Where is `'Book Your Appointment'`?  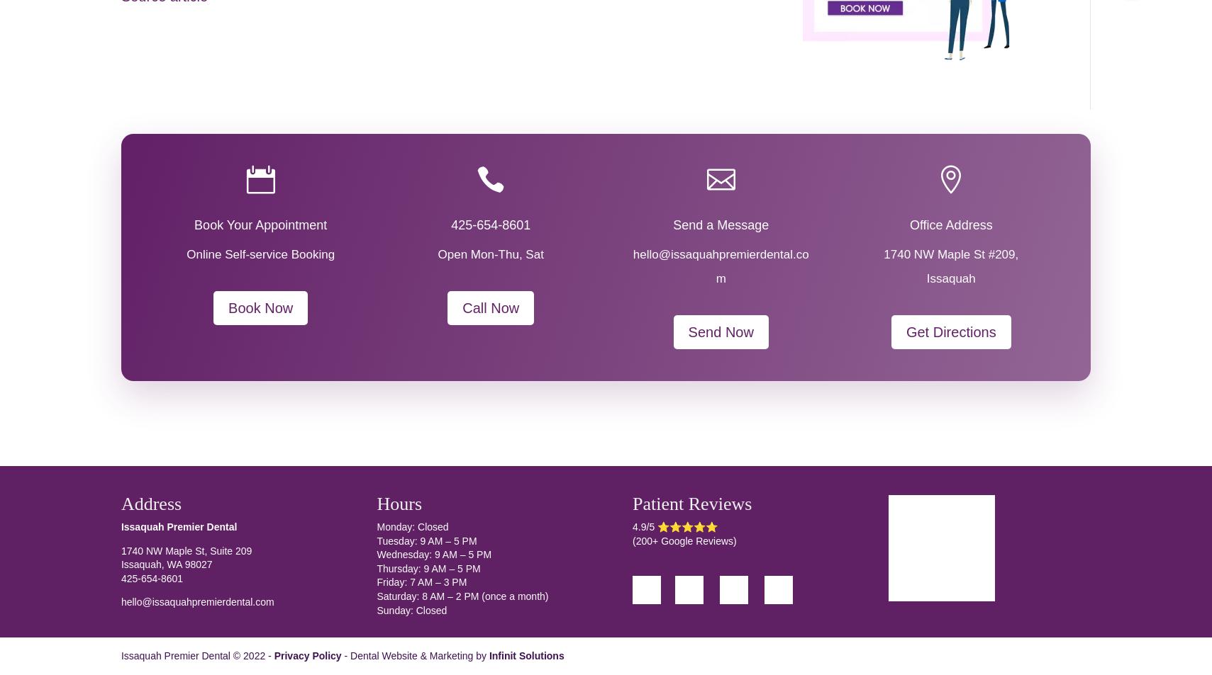
'Book Your Appointment' is located at coordinates (260, 225).